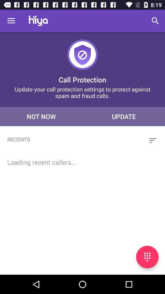 Image resolution: width=165 pixels, height=294 pixels. I want to click on the dialpad icon, so click(147, 257).